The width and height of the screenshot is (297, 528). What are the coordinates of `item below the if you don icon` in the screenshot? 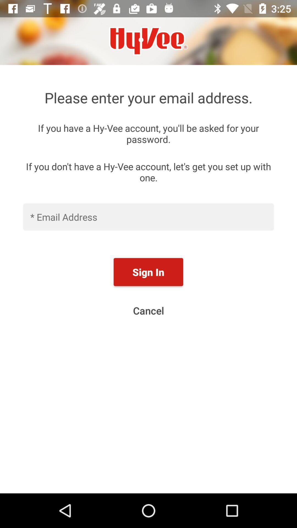 It's located at (148, 216).